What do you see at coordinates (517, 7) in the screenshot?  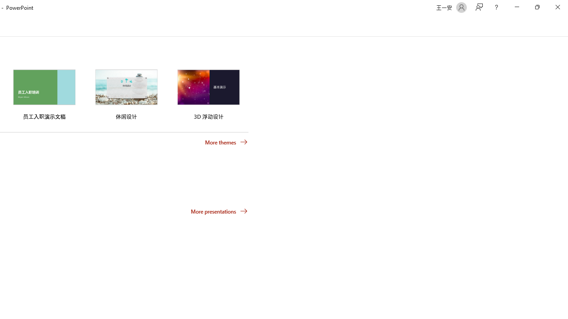 I see `'Minimize'` at bounding box center [517, 7].